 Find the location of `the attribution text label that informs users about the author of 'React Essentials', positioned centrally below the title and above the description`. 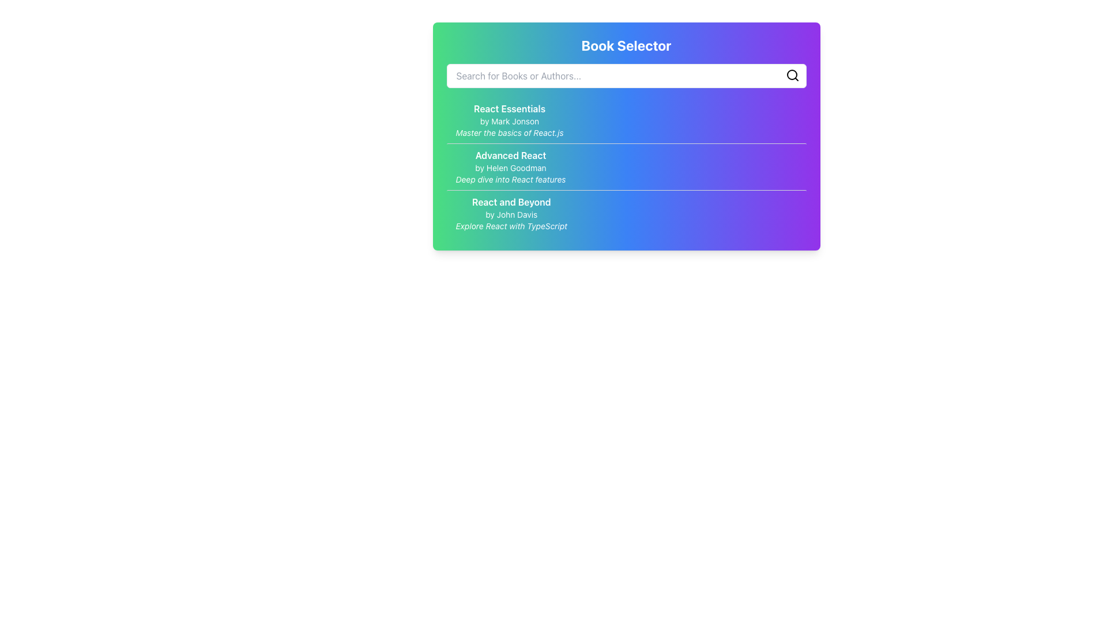

the attribution text label that informs users about the author of 'React Essentials', positioned centrally below the title and above the description is located at coordinates (509, 122).